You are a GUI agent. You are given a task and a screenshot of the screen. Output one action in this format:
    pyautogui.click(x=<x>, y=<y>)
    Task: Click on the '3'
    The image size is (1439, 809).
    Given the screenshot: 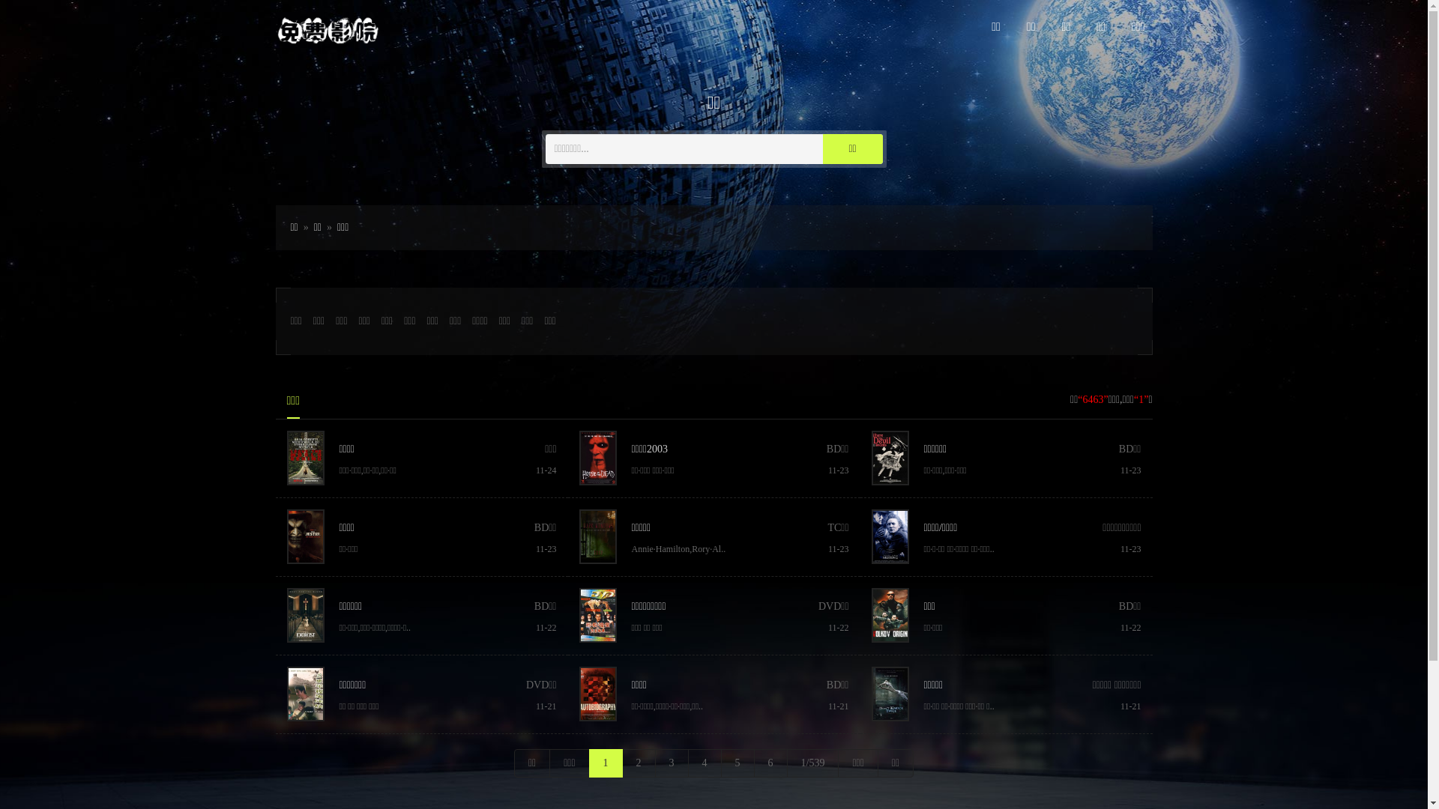 What is the action you would take?
    pyautogui.click(x=671, y=763)
    